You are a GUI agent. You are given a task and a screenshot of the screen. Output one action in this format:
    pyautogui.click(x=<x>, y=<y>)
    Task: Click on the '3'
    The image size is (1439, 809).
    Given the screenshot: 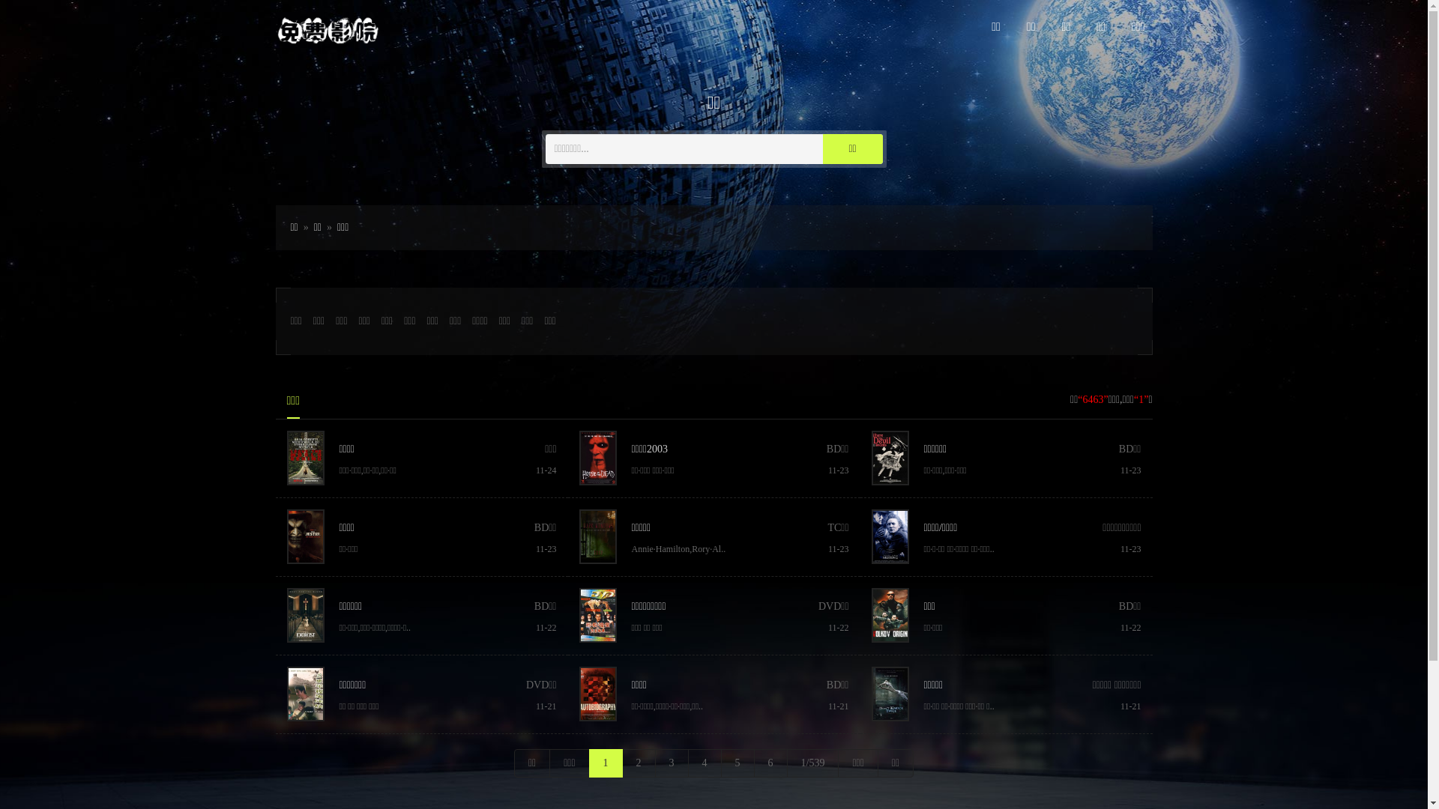 What is the action you would take?
    pyautogui.click(x=671, y=763)
    